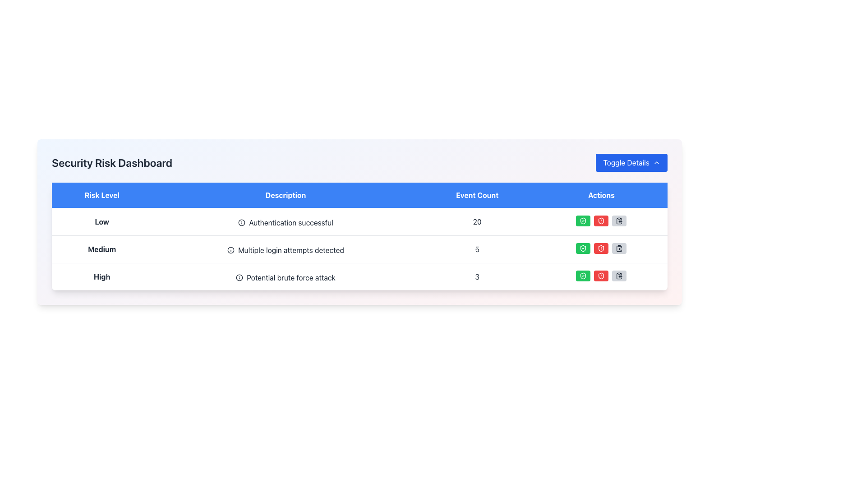 Image resolution: width=866 pixels, height=487 pixels. Describe the element at coordinates (242, 222) in the screenshot. I see `the circular icon located in the 'Description' column of the 'Low' risk level row in the 'Security Risk Dashboard' table, which precedes the text 'Authentication successful'` at that location.